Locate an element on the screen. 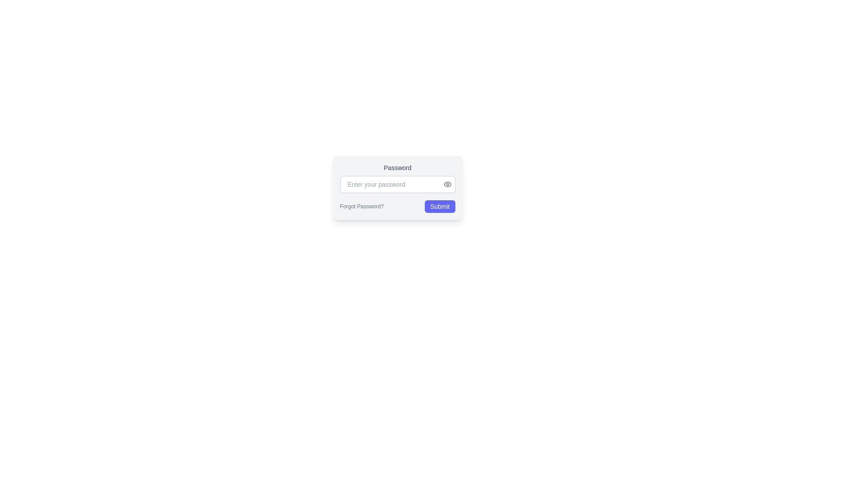  the password visibility toggle icon located immediately to the right of the password input box is located at coordinates (447, 184).